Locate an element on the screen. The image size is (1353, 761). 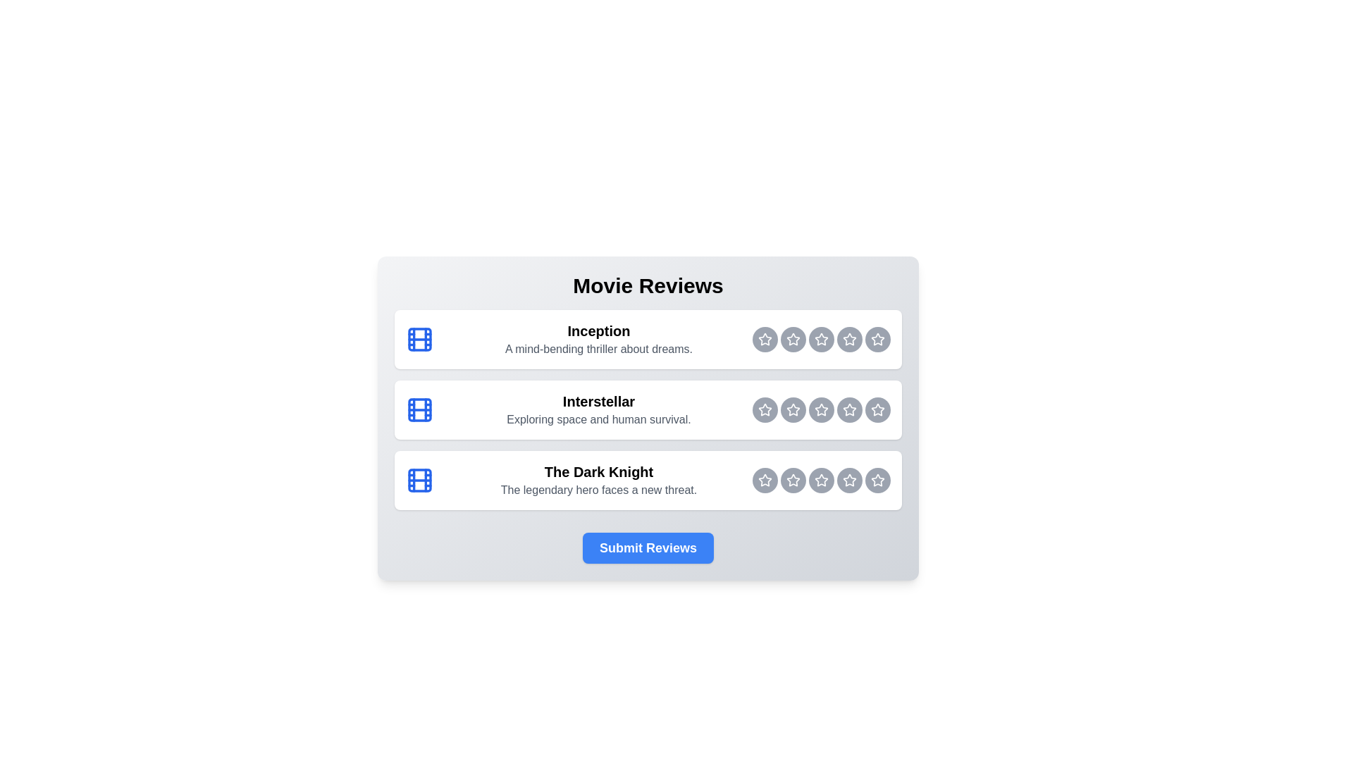
the rating for the movie 'Inception' to 2 stars is located at coordinates (764, 340).